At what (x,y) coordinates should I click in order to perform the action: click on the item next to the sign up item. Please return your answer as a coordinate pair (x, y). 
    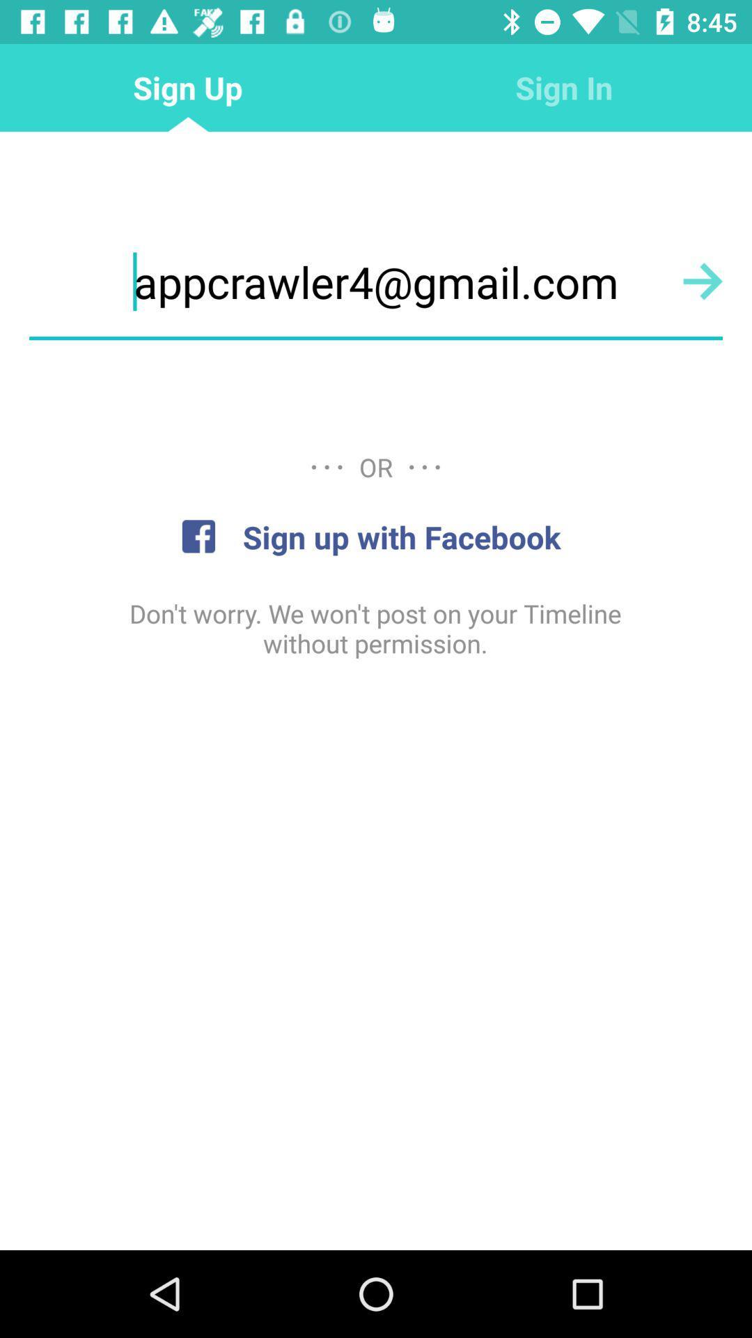
    Looking at the image, I should click on (564, 86).